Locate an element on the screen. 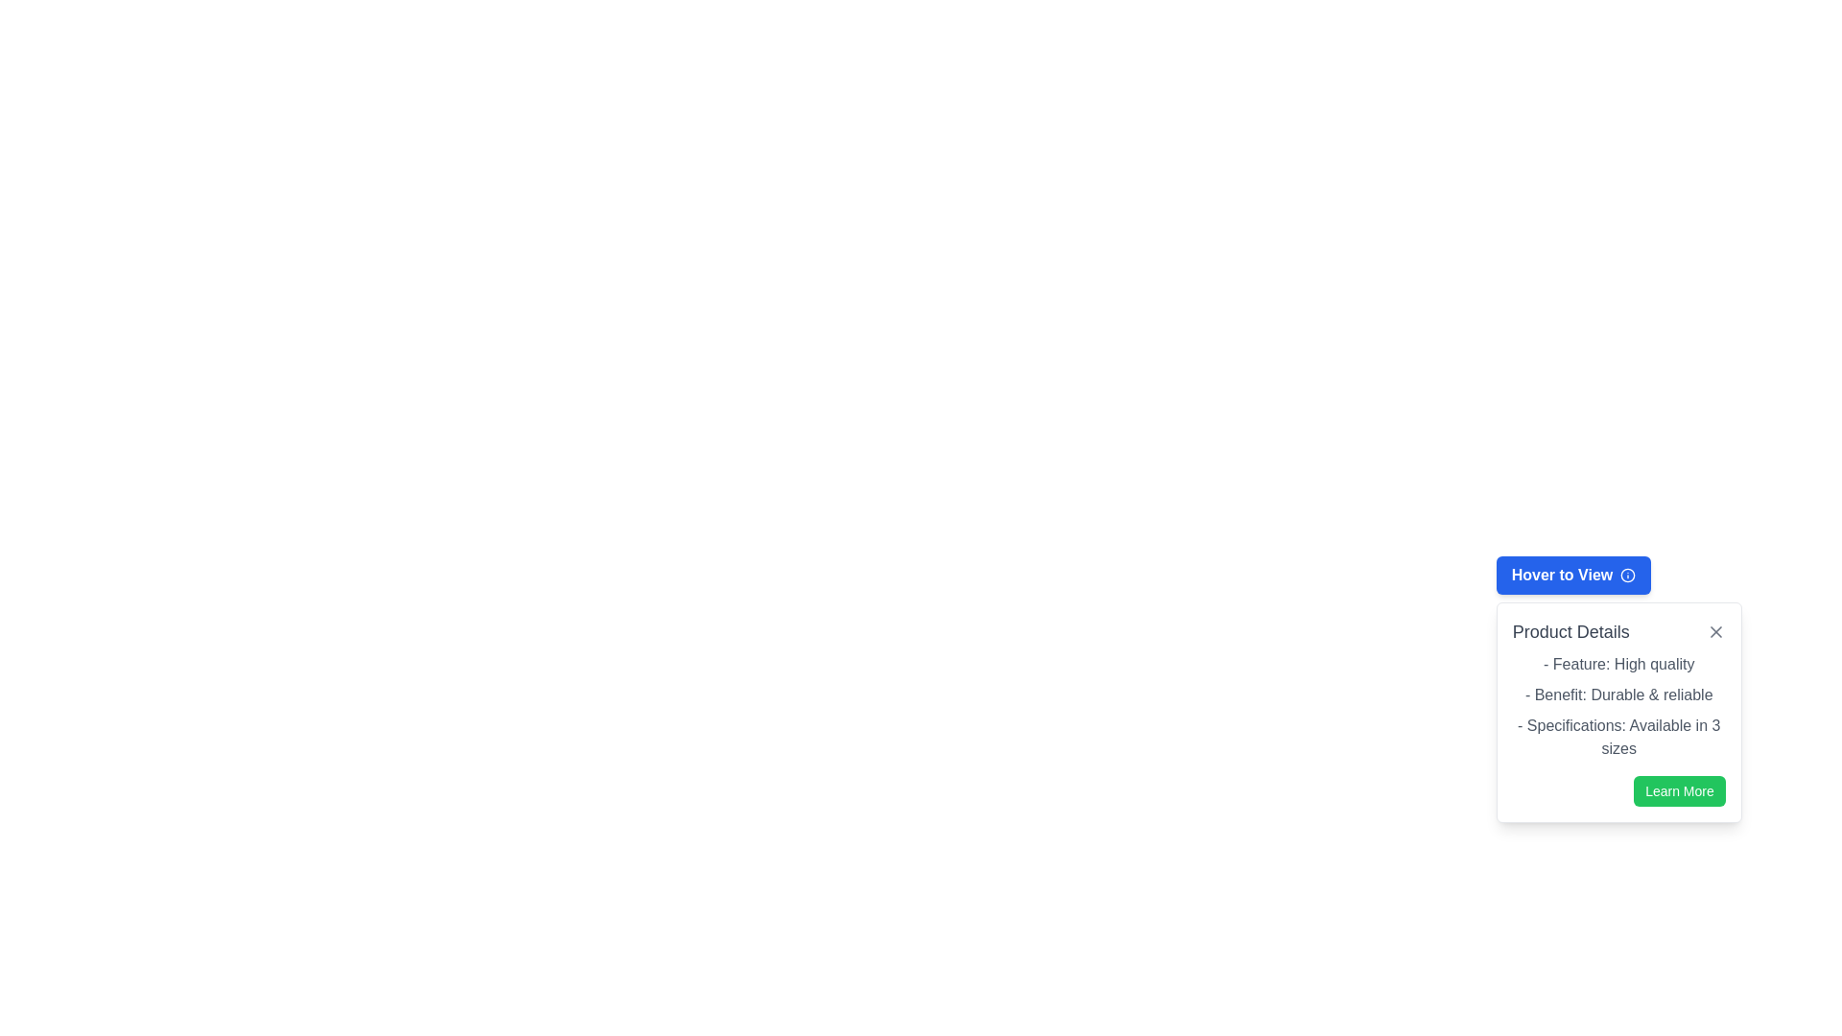 The image size is (1842, 1036). the Header element located at the top of the dropdown panel, which serves as the title and is adjacent to the close button marked by an 'X' is located at coordinates (1618, 632).